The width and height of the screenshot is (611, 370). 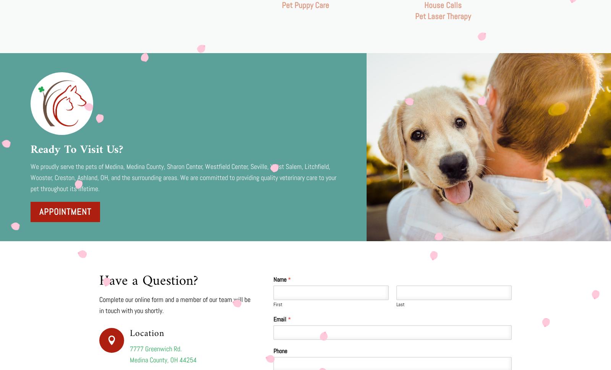 What do you see at coordinates (163, 359) in the screenshot?
I see `'Medina County, OH 44254'` at bounding box center [163, 359].